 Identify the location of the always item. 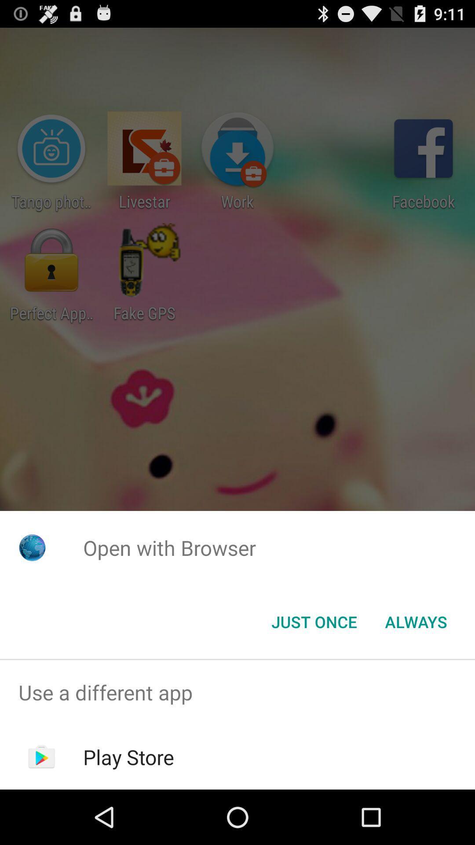
(416, 621).